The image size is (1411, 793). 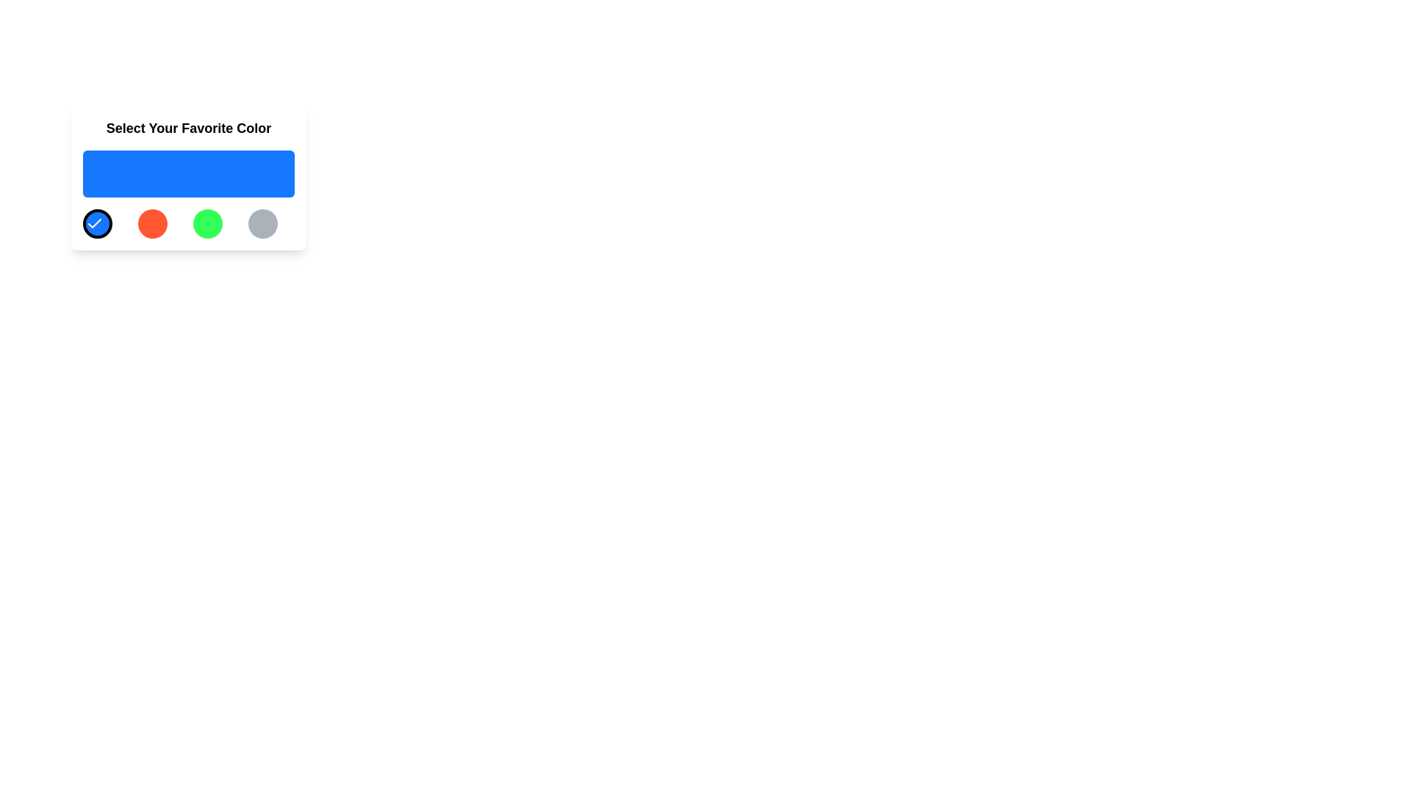 I want to click on the first colored circle button with a blue background and checkmark, so click(x=97, y=223).